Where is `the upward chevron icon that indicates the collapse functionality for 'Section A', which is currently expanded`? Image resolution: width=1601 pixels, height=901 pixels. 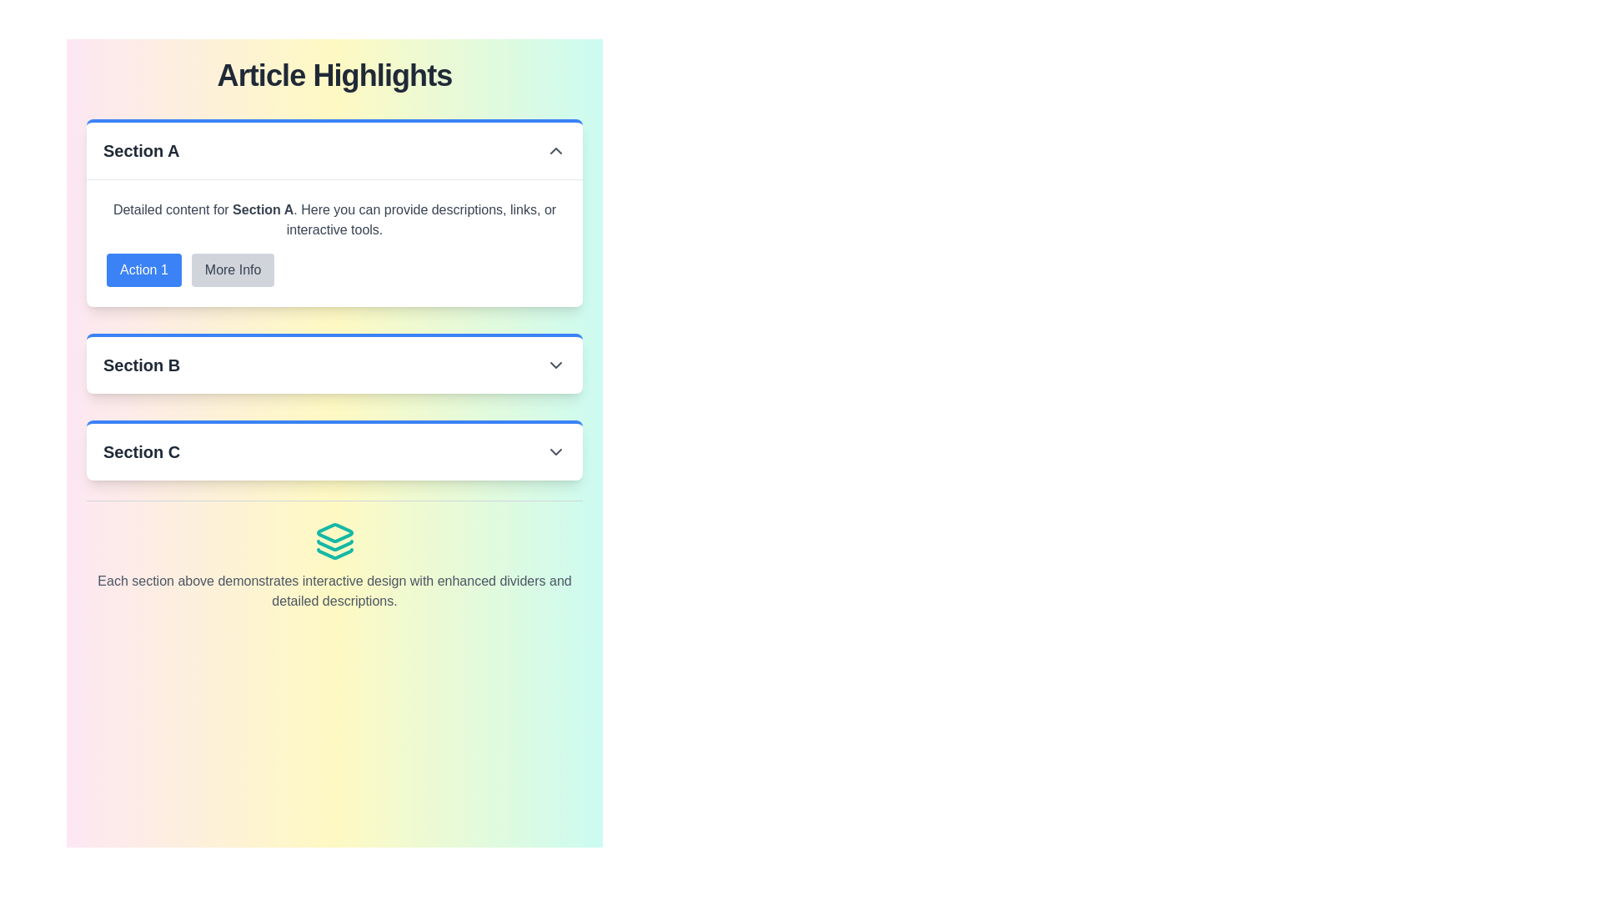
the upward chevron icon that indicates the collapse functionality for 'Section A', which is currently expanded is located at coordinates (556, 151).